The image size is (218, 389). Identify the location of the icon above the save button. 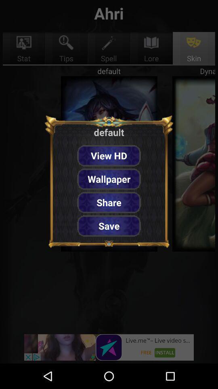
(109, 202).